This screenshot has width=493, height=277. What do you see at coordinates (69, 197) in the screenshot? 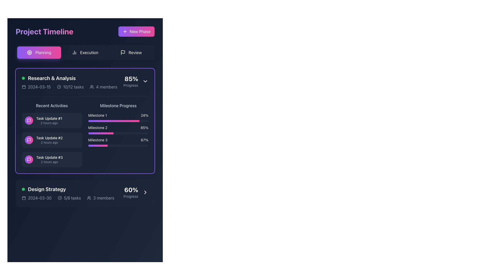
I see `the minimalist icon with a checkmark and the text '5/8 tasks' in the 'Design Strategy' section, located between the '2024-03-30' date and '3 members' user count` at bounding box center [69, 197].